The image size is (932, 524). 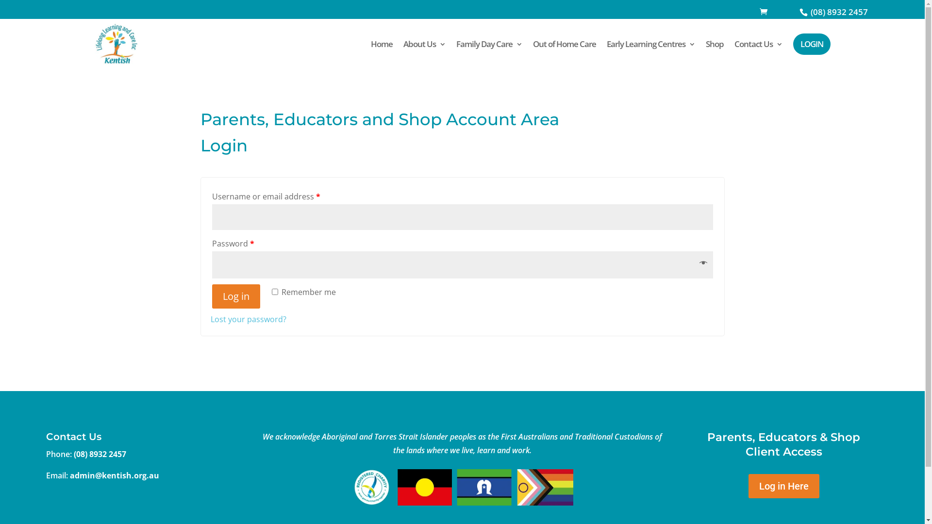 What do you see at coordinates (456, 44) in the screenshot?
I see `'Family Day Care'` at bounding box center [456, 44].